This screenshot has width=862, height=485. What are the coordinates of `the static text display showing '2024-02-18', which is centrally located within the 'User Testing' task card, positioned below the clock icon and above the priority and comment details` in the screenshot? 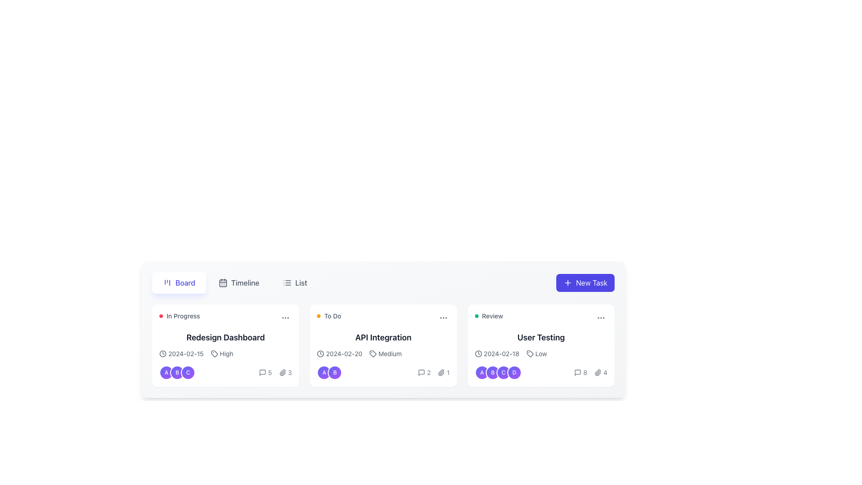 It's located at (501, 353).